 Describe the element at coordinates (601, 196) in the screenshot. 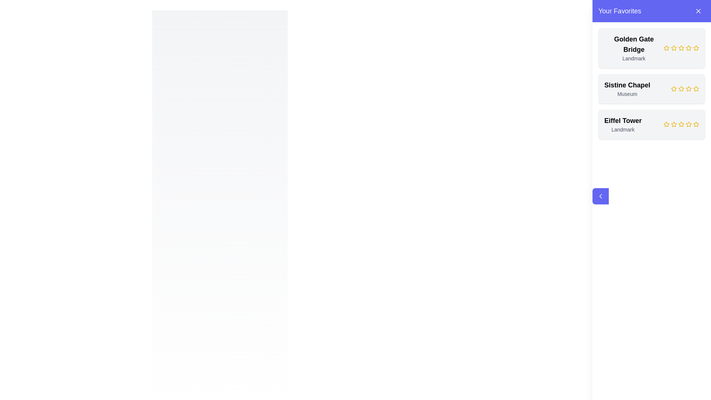

I see `the button containing an arrow icon located on the left side of the sidebar panel` at that location.